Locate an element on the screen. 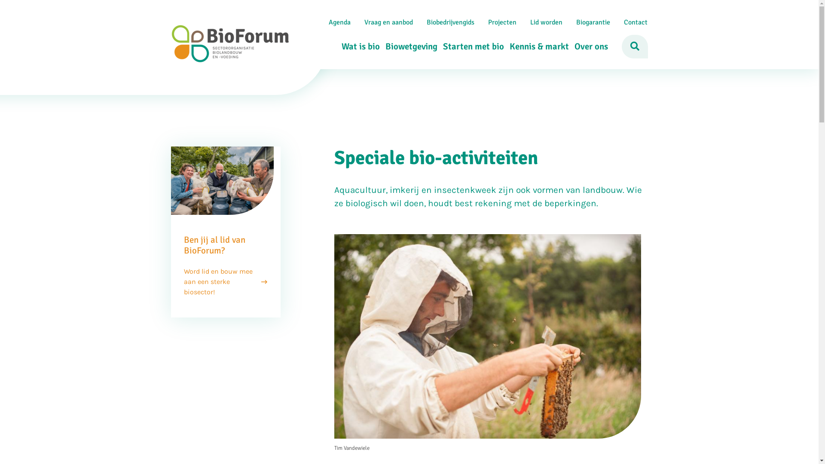 This screenshot has height=464, width=825. 'Biobedrijvengids' is located at coordinates (449, 21).